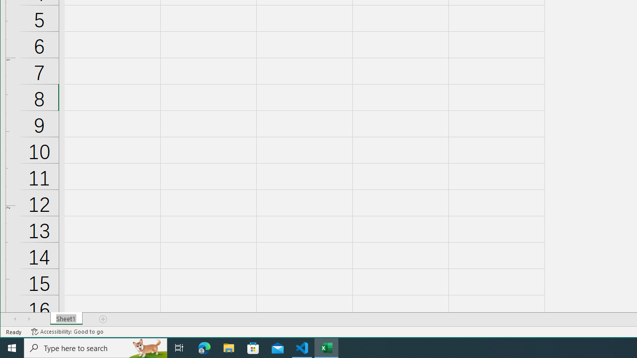 This screenshot has width=637, height=358. Describe the element at coordinates (204, 347) in the screenshot. I see `'Microsoft Edge'` at that location.